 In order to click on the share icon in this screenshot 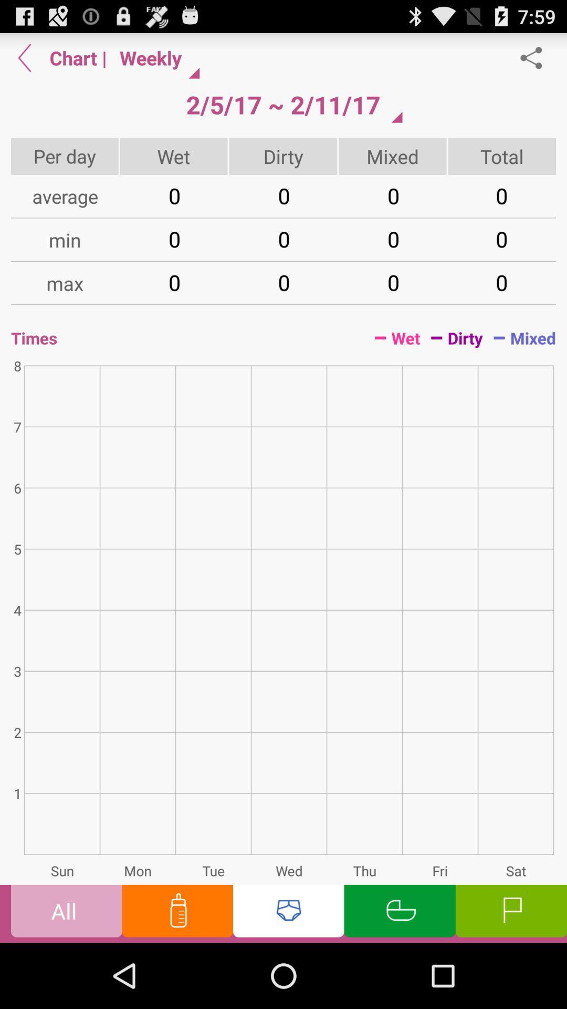, I will do `click(537, 61)`.